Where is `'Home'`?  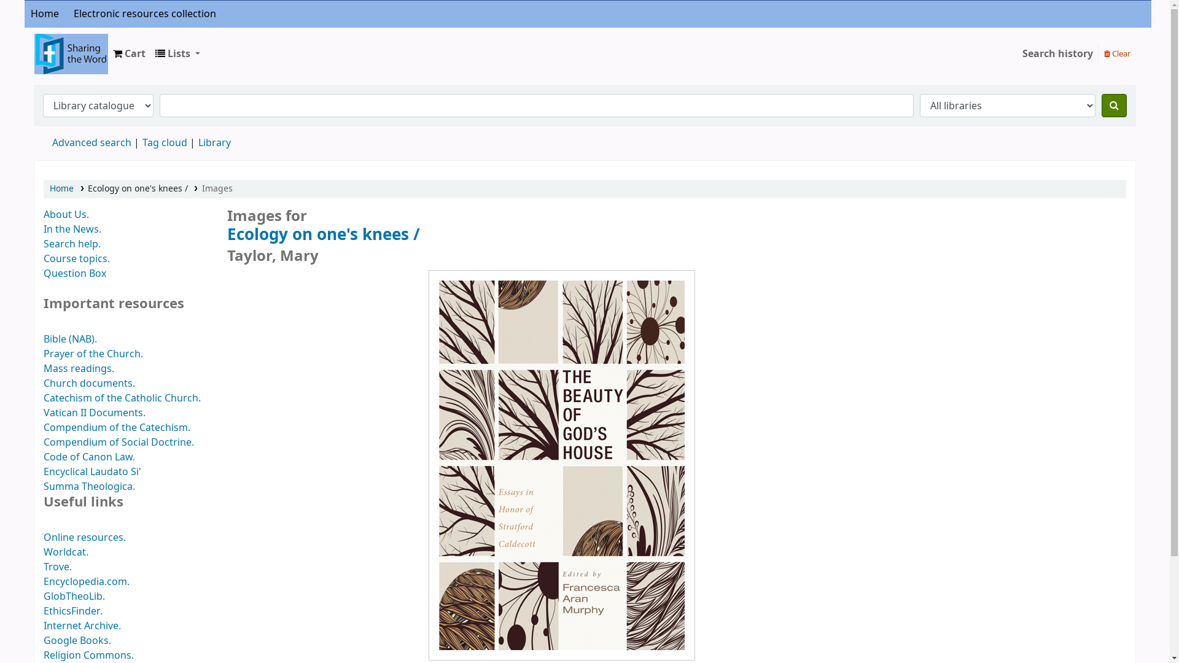 'Home' is located at coordinates (61, 188).